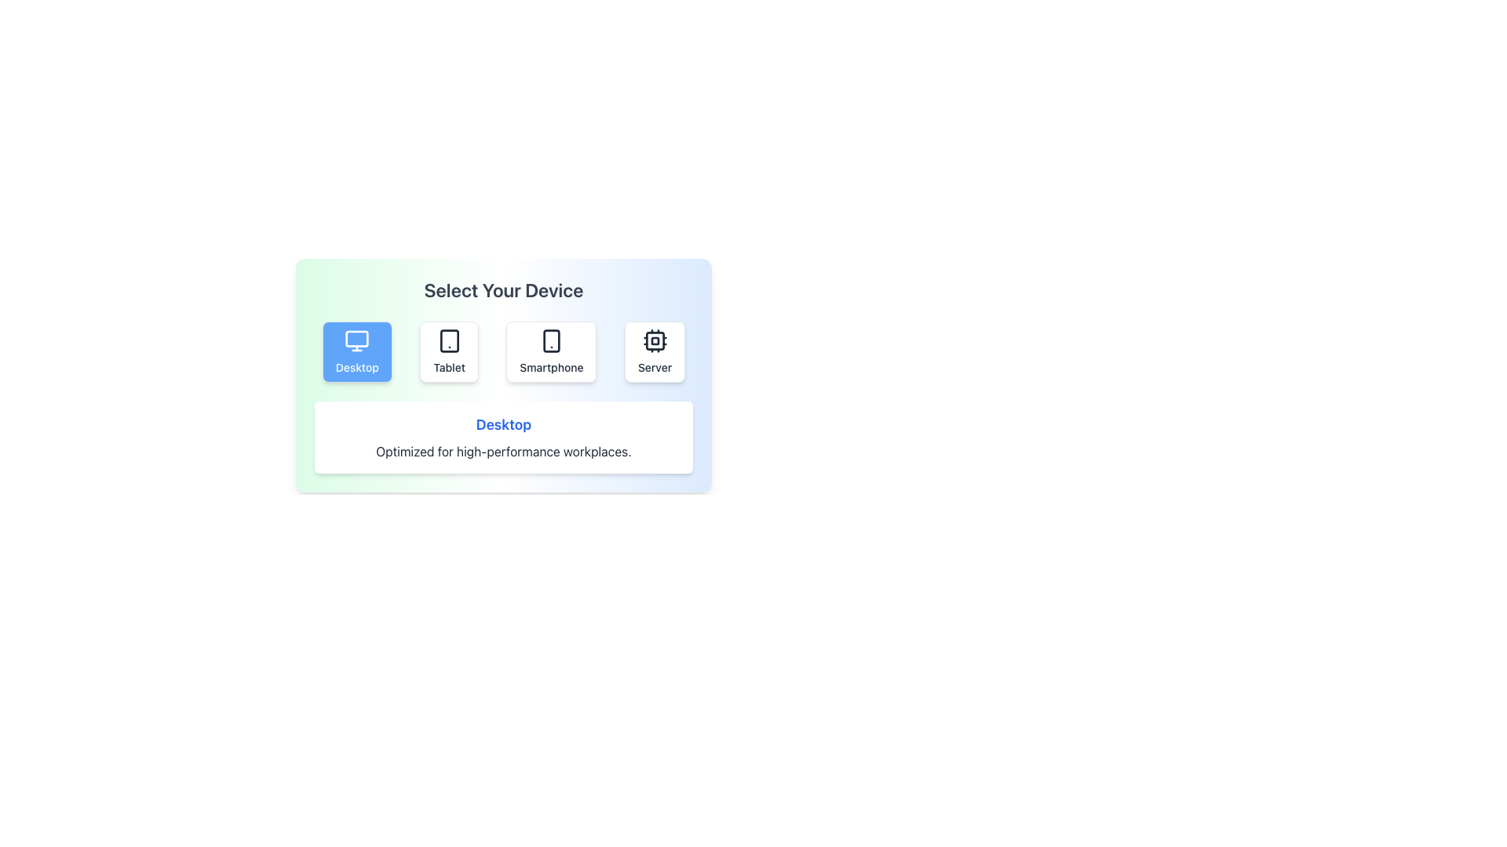 Image resolution: width=1507 pixels, height=847 pixels. What do you see at coordinates (504, 438) in the screenshot?
I see `the Text block providing a description related to the 'Desktop' option, located in the lower section of the panel titled 'Select Your Device'` at bounding box center [504, 438].